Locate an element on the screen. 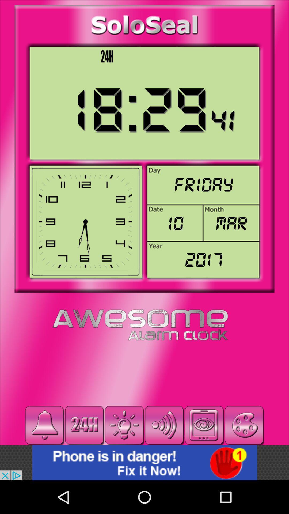 The height and width of the screenshot is (514, 289). make a new timer is located at coordinates (124, 425).